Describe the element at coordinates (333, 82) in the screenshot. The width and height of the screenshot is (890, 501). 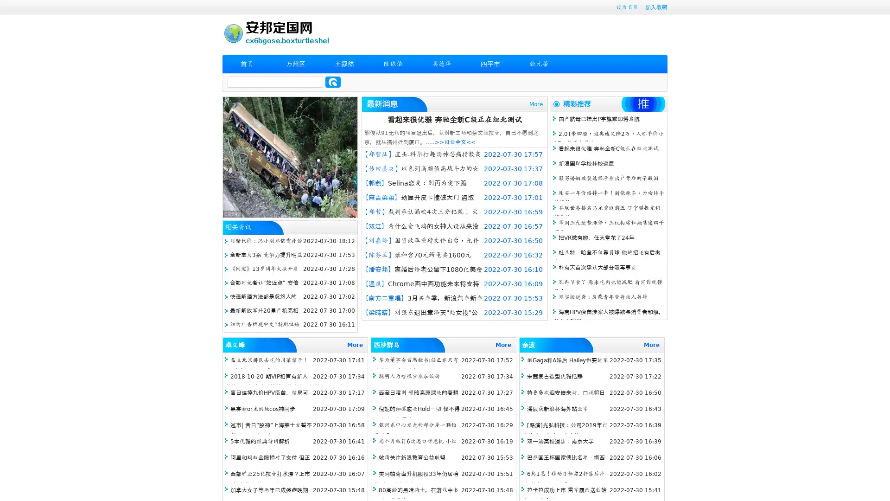
I see `Search` at that location.